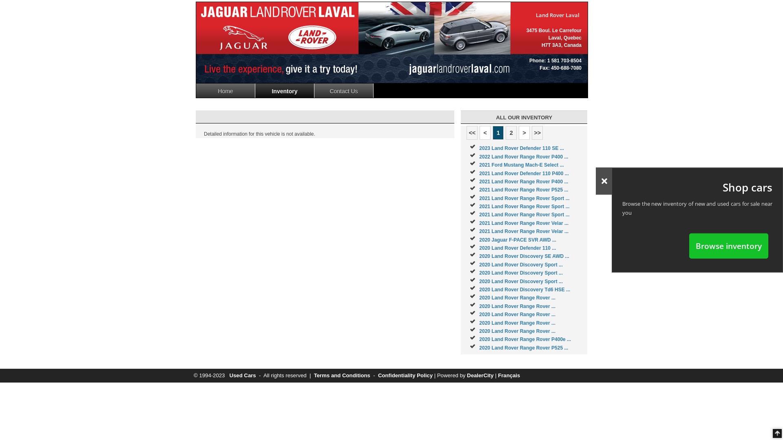 The width and height of the screenshot is (783, 440). I want to click on 'Confidentiality Policy', so click(405, 375).